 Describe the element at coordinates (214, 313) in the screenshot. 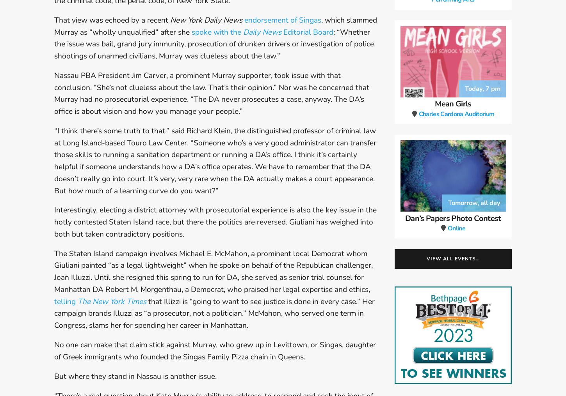

I see `'that Illizzi is “going to want to see justice is done in every case.” Her campaign brands Illuzzi as “a prosecutor, not a politician.” McMahon, who served one term in Congress, slams her for spending her career in Manhattan.'` at that location.